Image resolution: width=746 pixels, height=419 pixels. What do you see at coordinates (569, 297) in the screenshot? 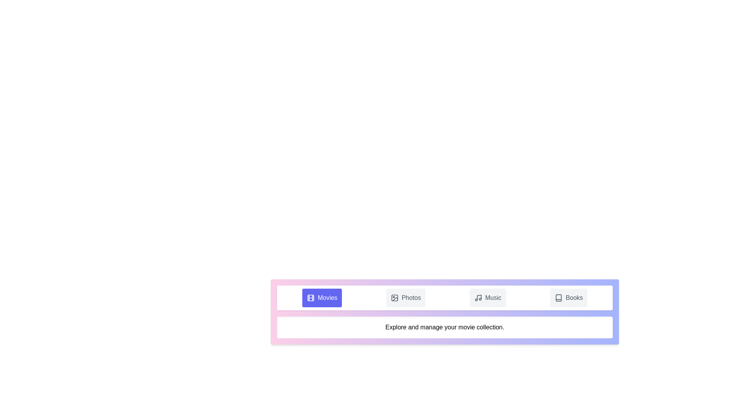
I see `the Books tab by clicking on its button` at bounding box center [569, 297].